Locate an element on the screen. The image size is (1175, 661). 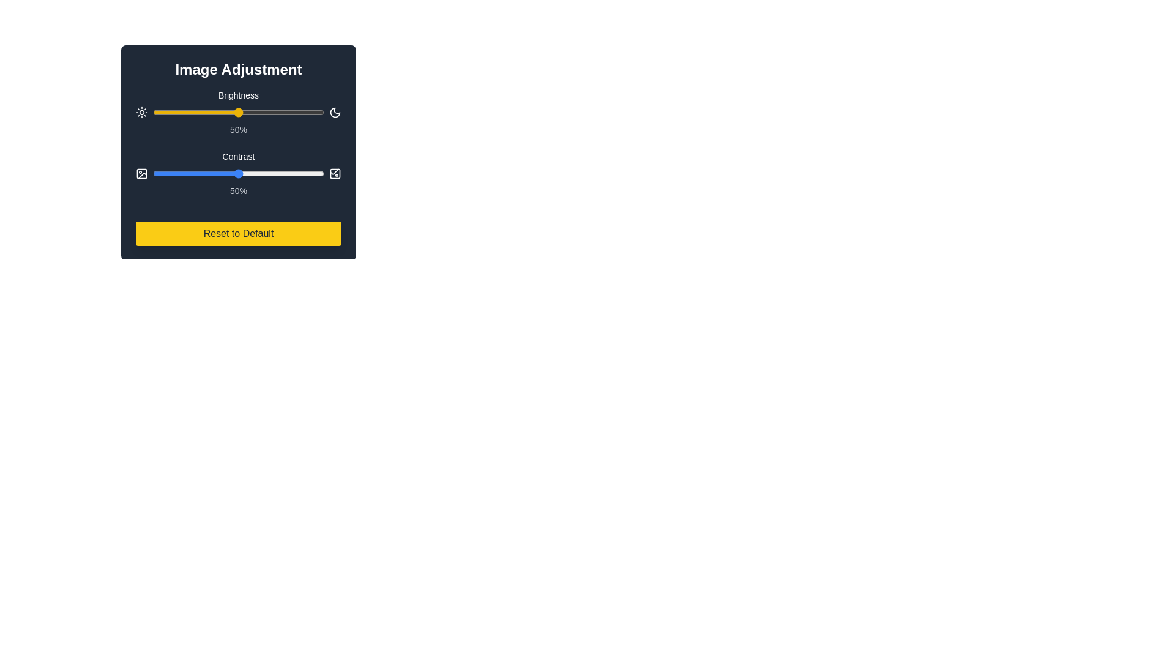
the brightness is located at coordinates (244, 113).